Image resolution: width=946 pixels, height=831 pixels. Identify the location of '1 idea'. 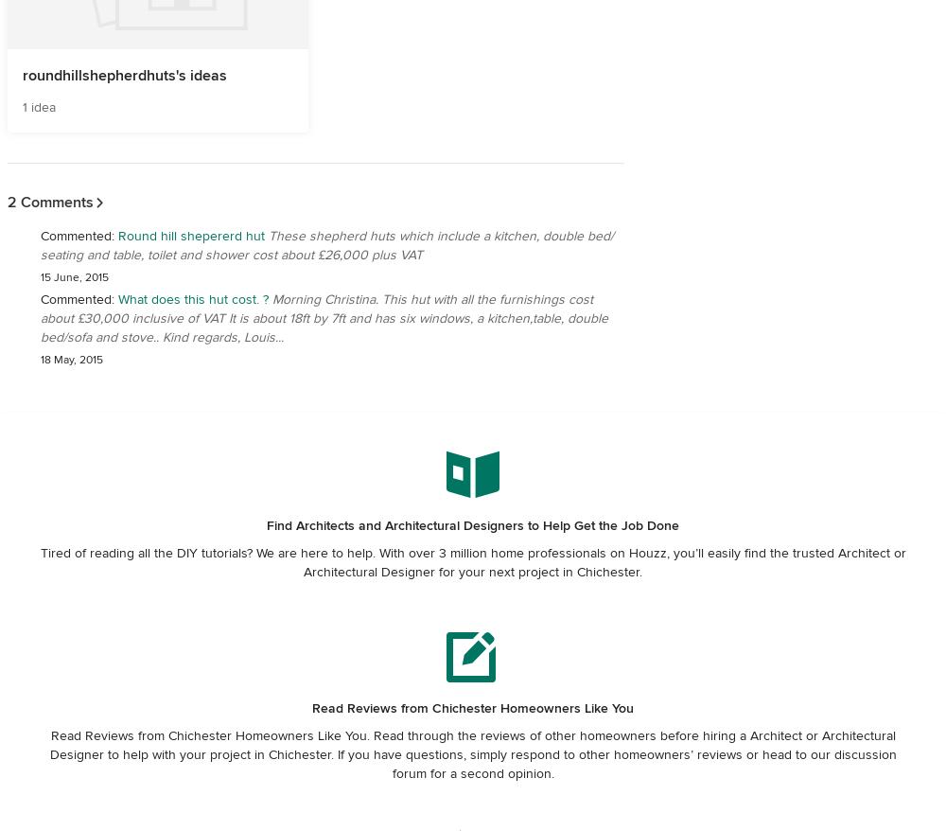
(23, 105).